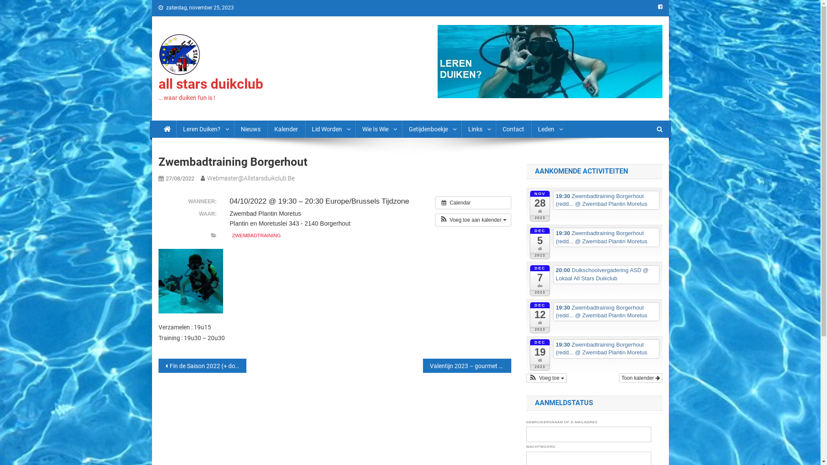  What do you see at coordinates (477, 129) in the screenshot?
I see `'Links'` at bounding box center [477, 129].